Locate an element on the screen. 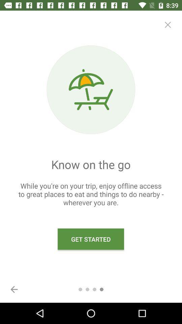 The width and height of the screenshot is (182, 324). the arrow_backward icon is located at coordinates (14, 289).